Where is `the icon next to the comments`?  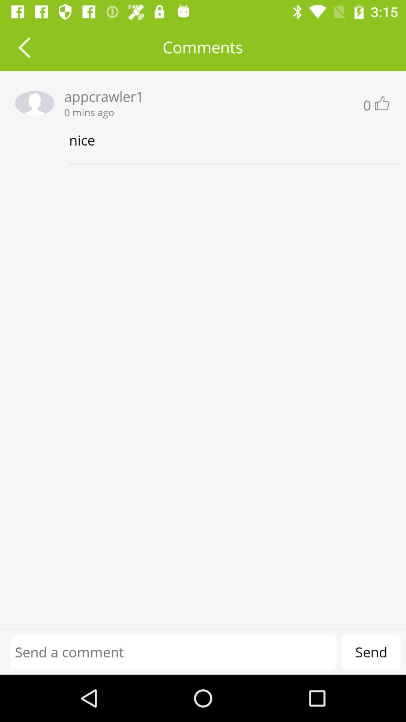 the icon next to the comments is located at coordinates (24, 47).